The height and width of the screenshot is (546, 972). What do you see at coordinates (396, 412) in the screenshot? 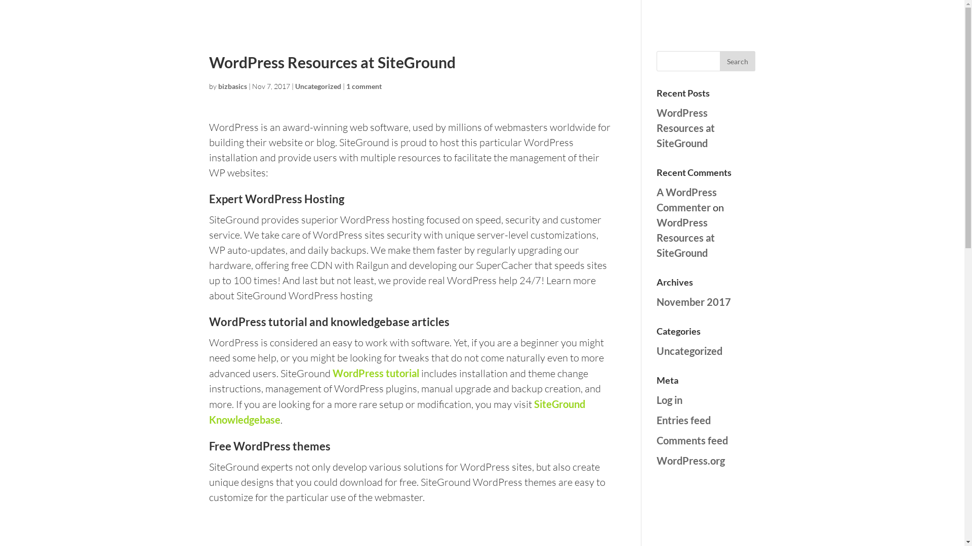
I see `'SiteGround Knowledgebase'` at bounding box center [396, 412].